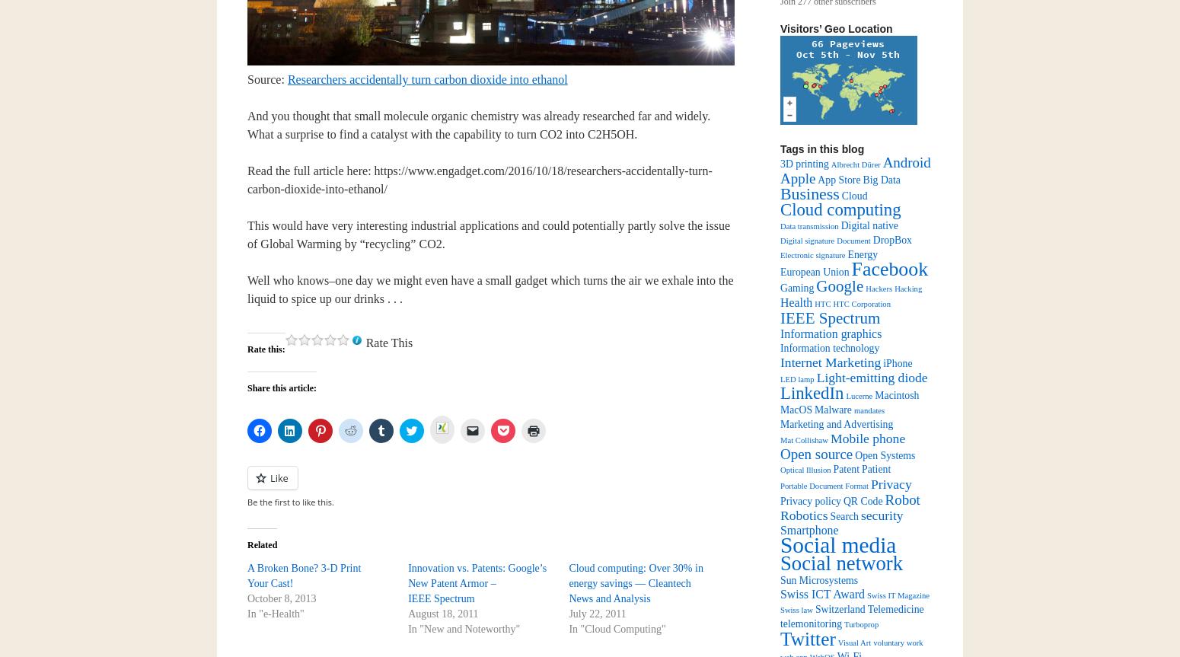 The height and width of the screenshot is (657, 1180). Describe the element at coordinates (878, 289) in the screenshot. I see `'Hackers'` at that location.